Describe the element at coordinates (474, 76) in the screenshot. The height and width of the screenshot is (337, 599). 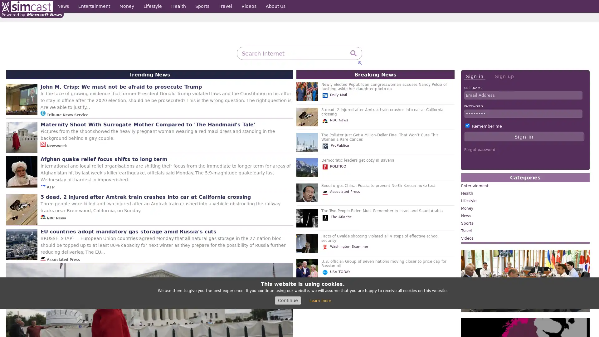
I see `Sign-in` at that location.